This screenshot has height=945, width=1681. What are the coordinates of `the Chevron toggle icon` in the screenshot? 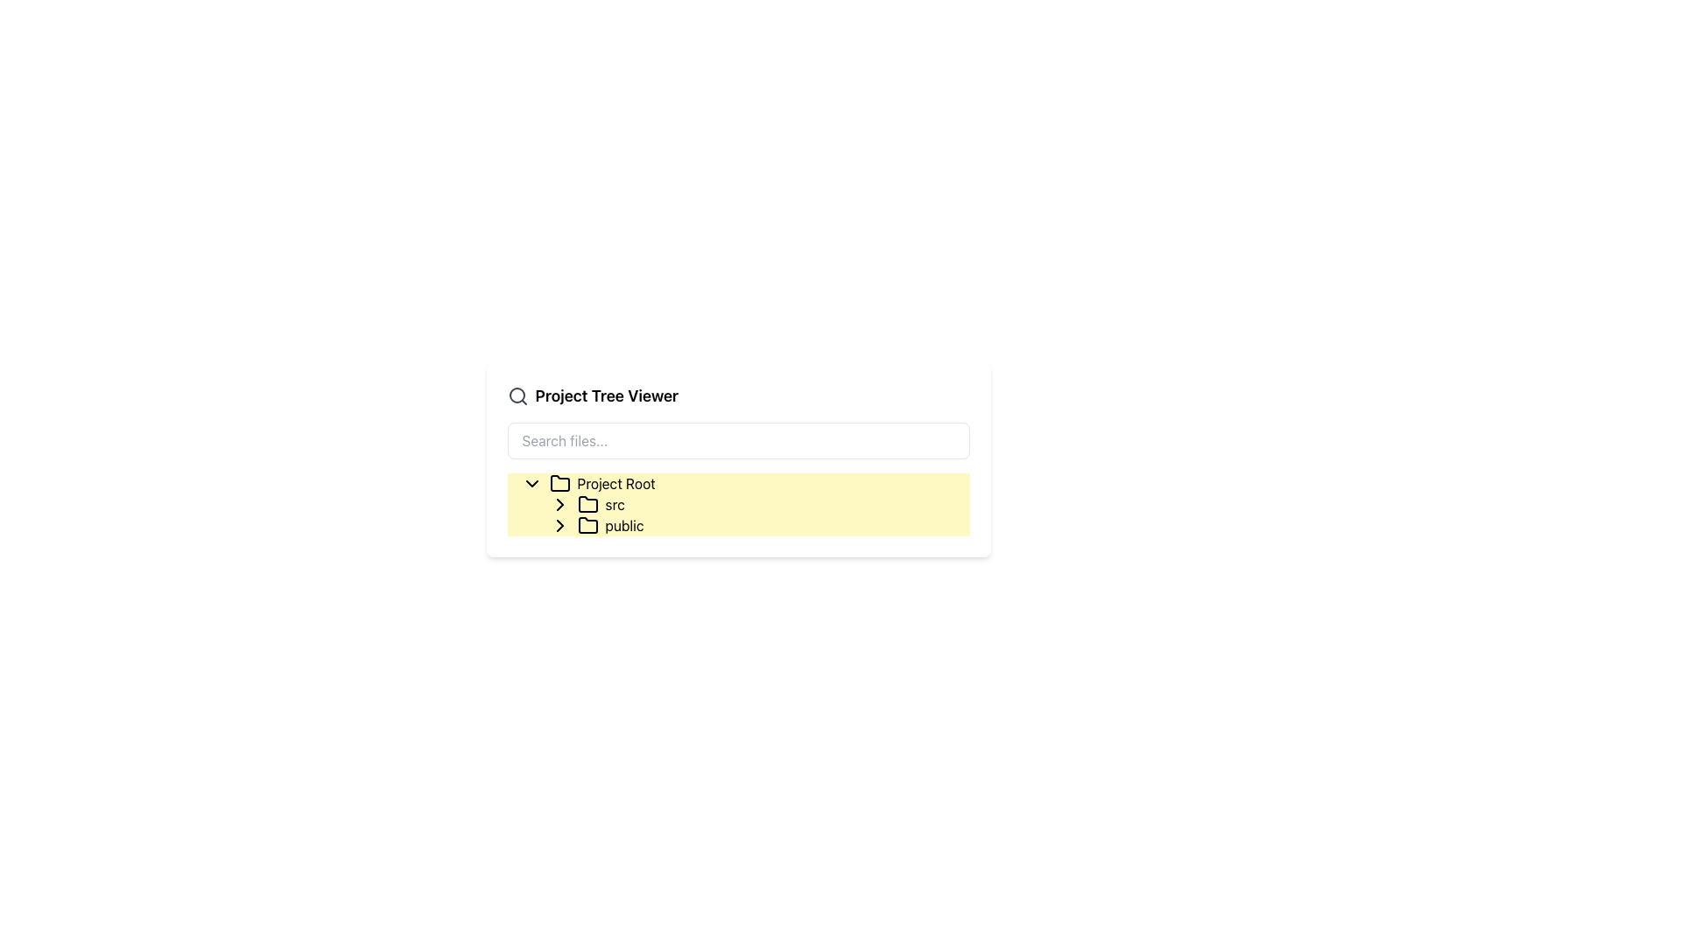 It's located at (531, 483).